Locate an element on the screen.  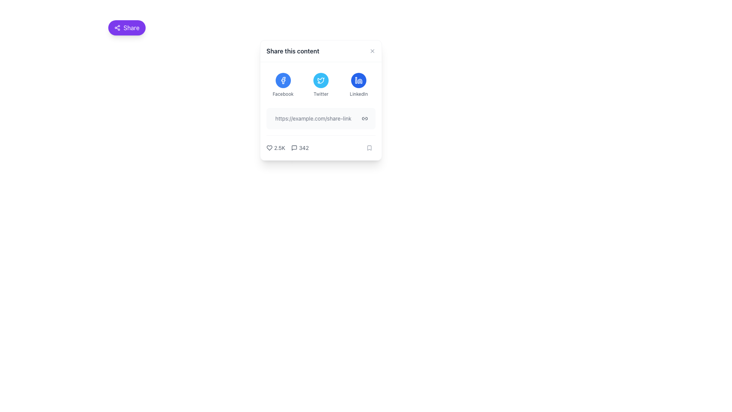
the heart-shaped icon at the bottom left corner of the sharing information box to like is located at coordinates (269, 148).